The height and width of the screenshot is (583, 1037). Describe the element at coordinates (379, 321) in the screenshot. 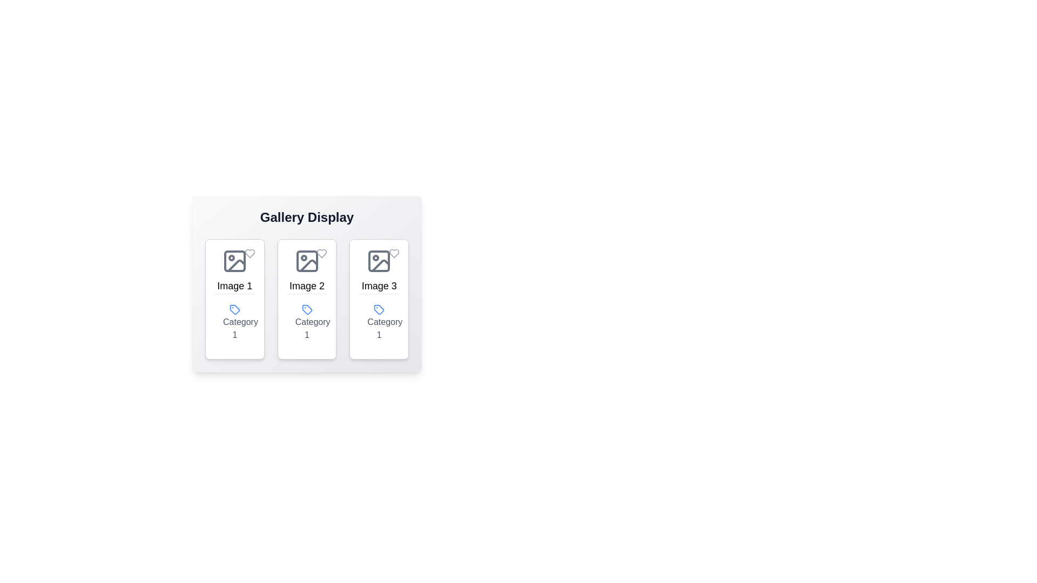

I see `the 'Category 1' text element, which is styled with a standard font and accompanied by a blue tag icon, located at the bottom of the card containing 'Image 3'` at that location.